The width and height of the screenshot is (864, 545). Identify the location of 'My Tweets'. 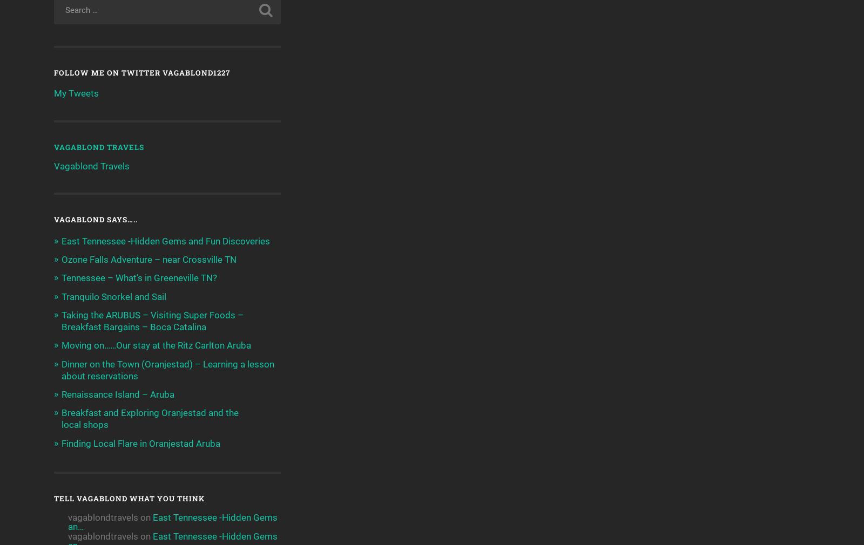
(76, 92).